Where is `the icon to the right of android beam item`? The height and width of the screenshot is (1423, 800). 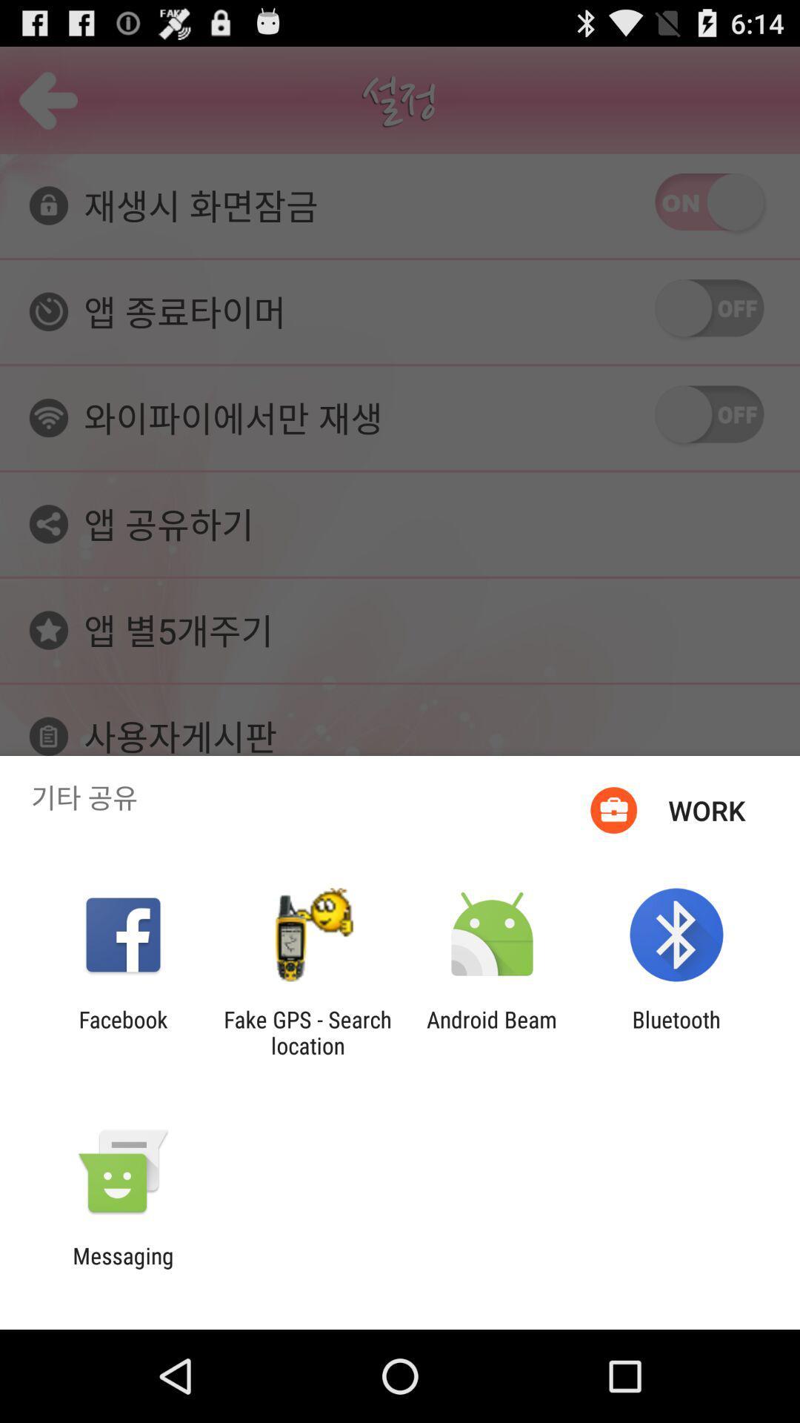
the icon to the right of android beam item is located at coordinates (676, 1032).